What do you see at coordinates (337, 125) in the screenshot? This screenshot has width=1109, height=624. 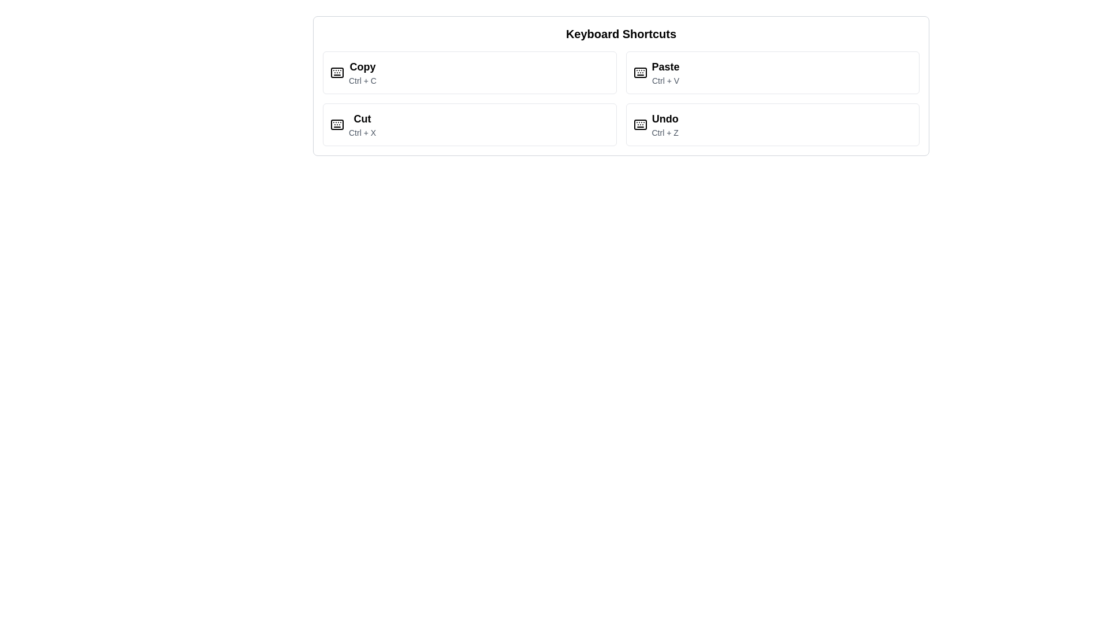 I see `the decorative icon in the 'Cut' shortcut panel, which is located in the second row and aligned to the left of the 'Cut' and 'Ctrl + X' text` at bounding box center [337, 125].